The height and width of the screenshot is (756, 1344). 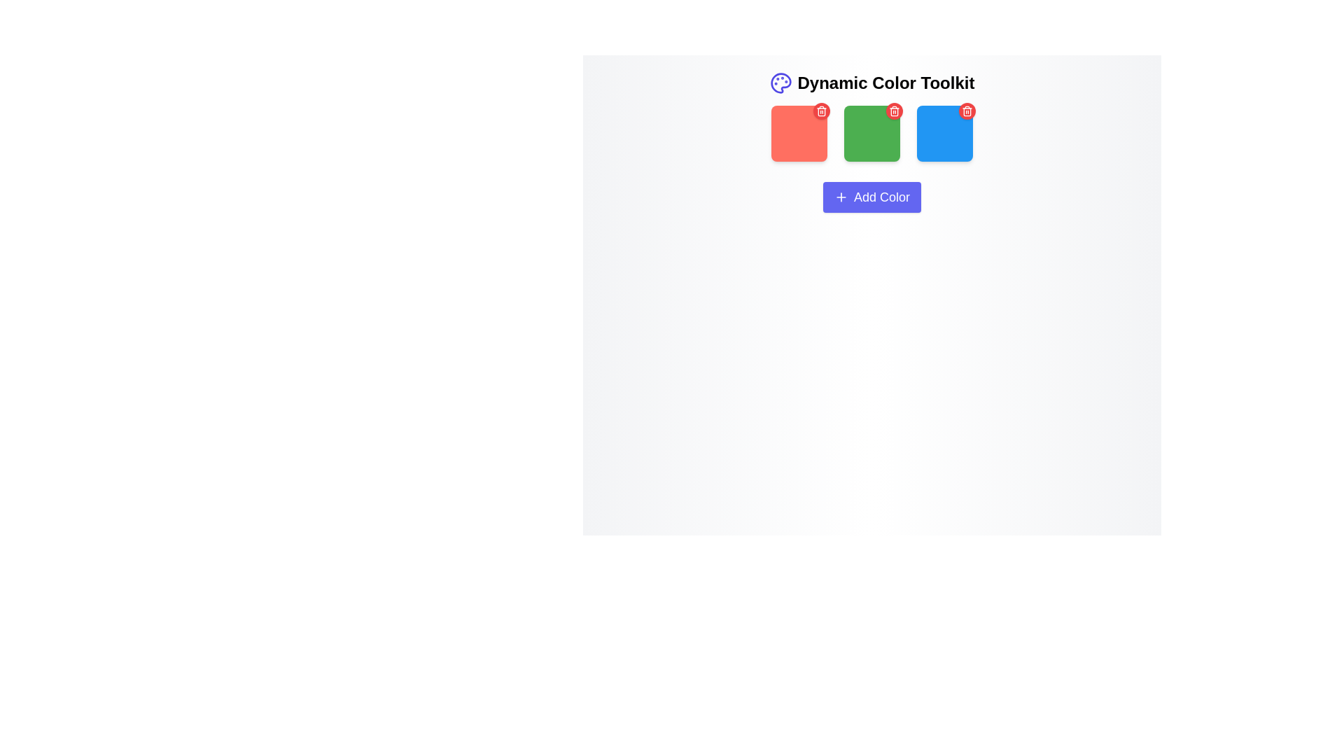 I want to click on the delete button located at the top-right corner of the red color tile in the top-left area of the grid, so click(x=822, y=110).